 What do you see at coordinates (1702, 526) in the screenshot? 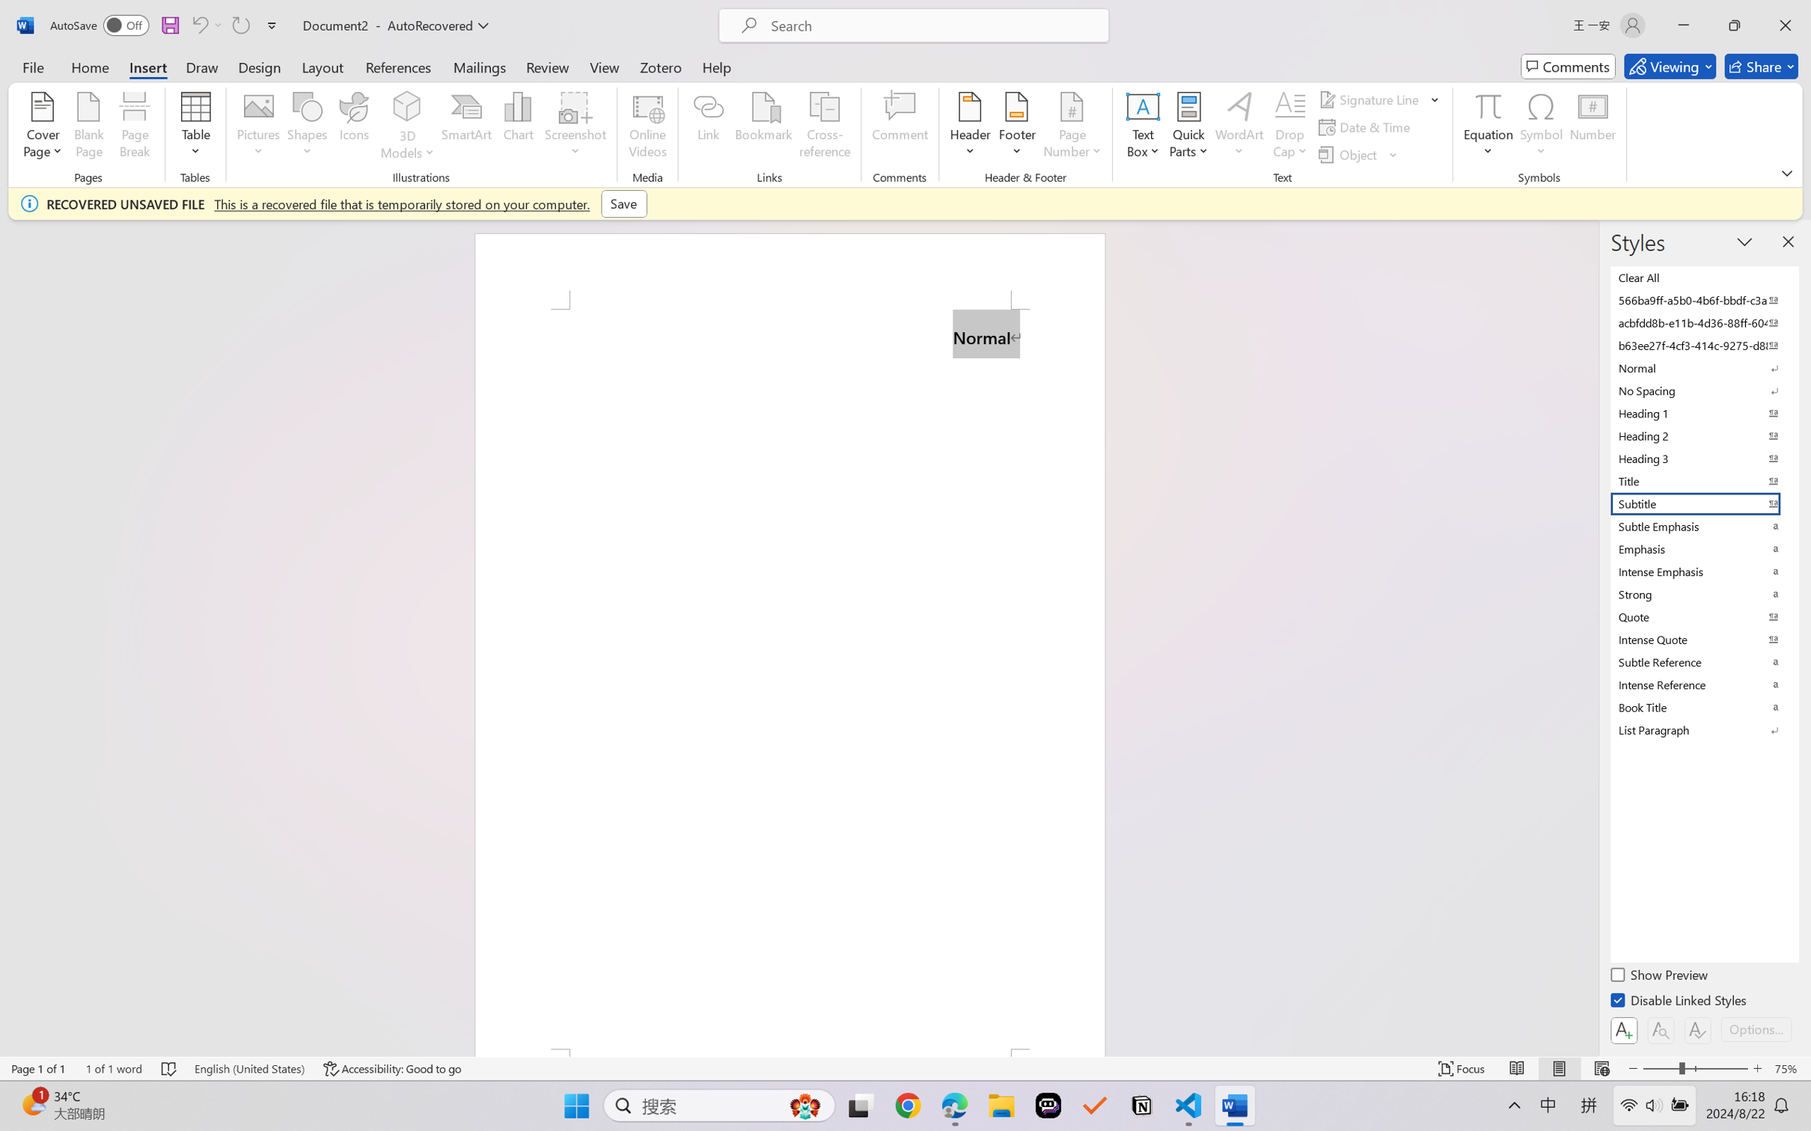
I see `'Subtle Emphasis'` at bounding box center [1702, 526].